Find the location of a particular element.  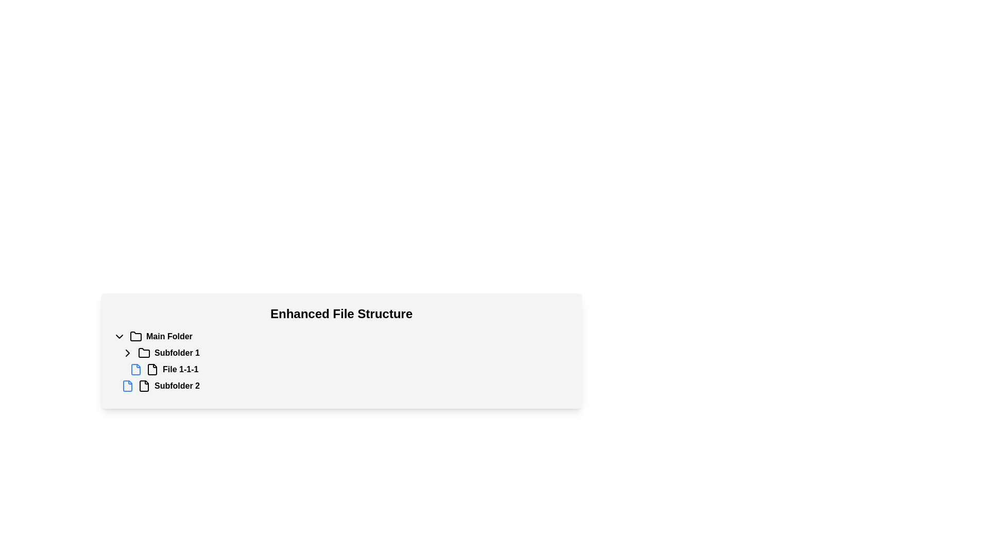

the bold text label 'Subfolder 2', which is styled with black color and an underline effect visible on hover, located to the right of the preceding icon in the file structure hierarchy is located at coordinates (177, 386).